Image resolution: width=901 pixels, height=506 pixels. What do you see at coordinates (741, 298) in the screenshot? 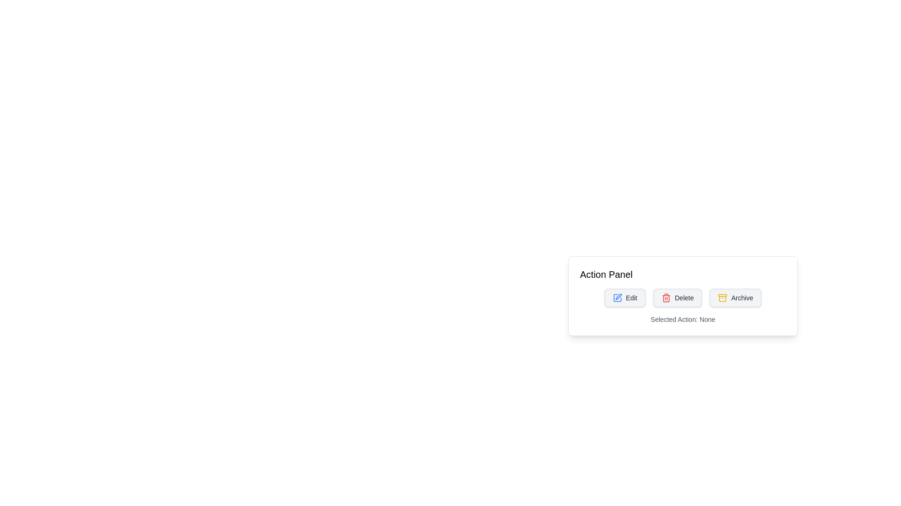
I see `the 'Archive' text label within the action button` at bounding box center [741, 298].